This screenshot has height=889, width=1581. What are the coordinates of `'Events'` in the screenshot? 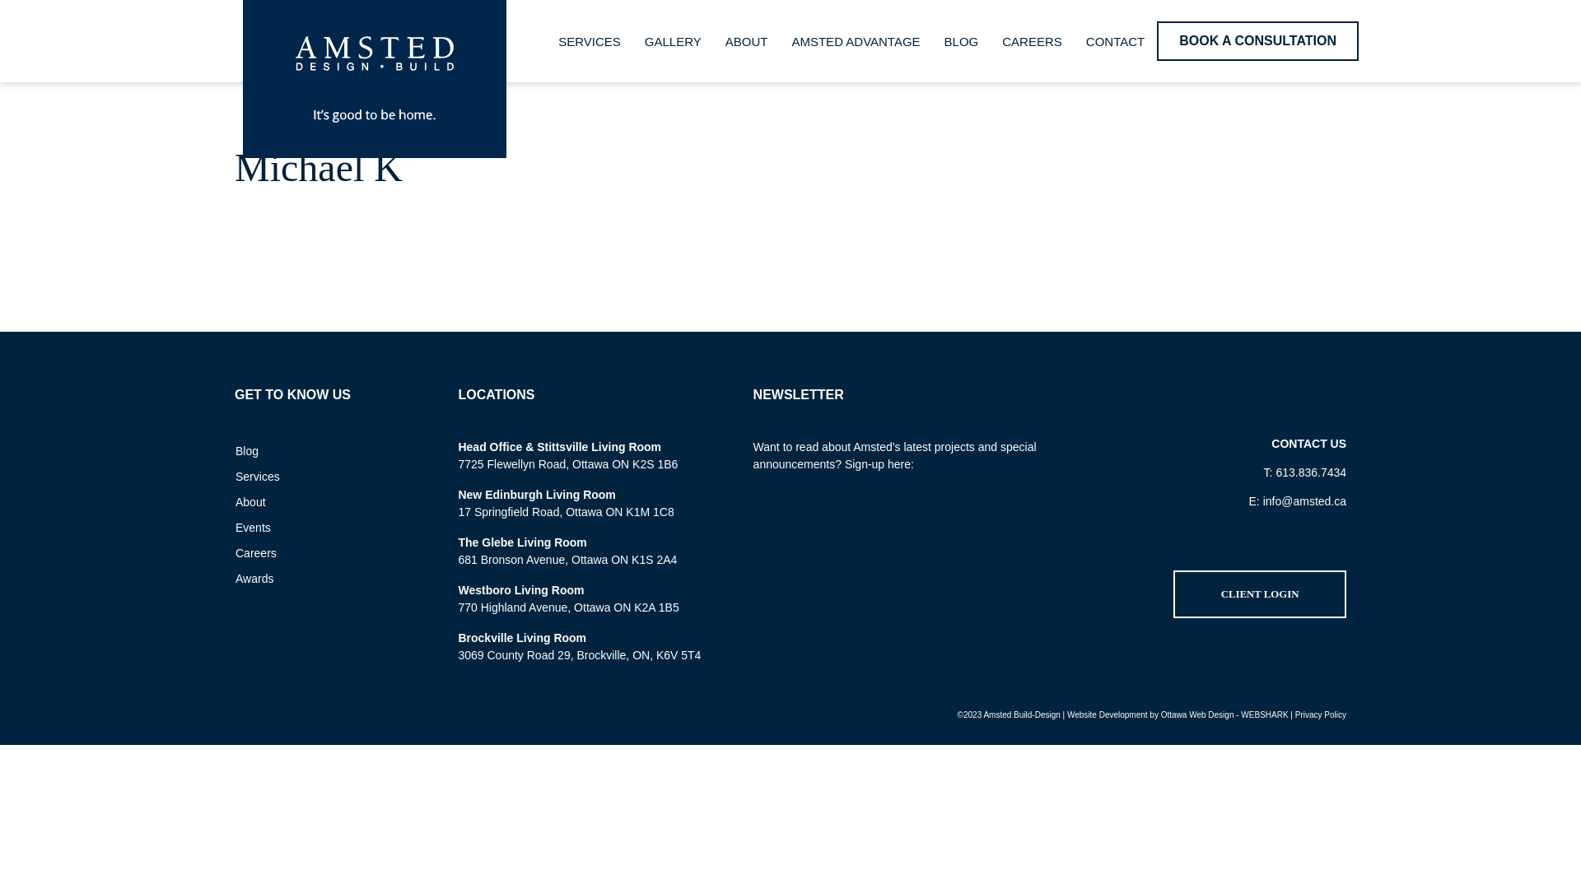 It's located at (319, 527).